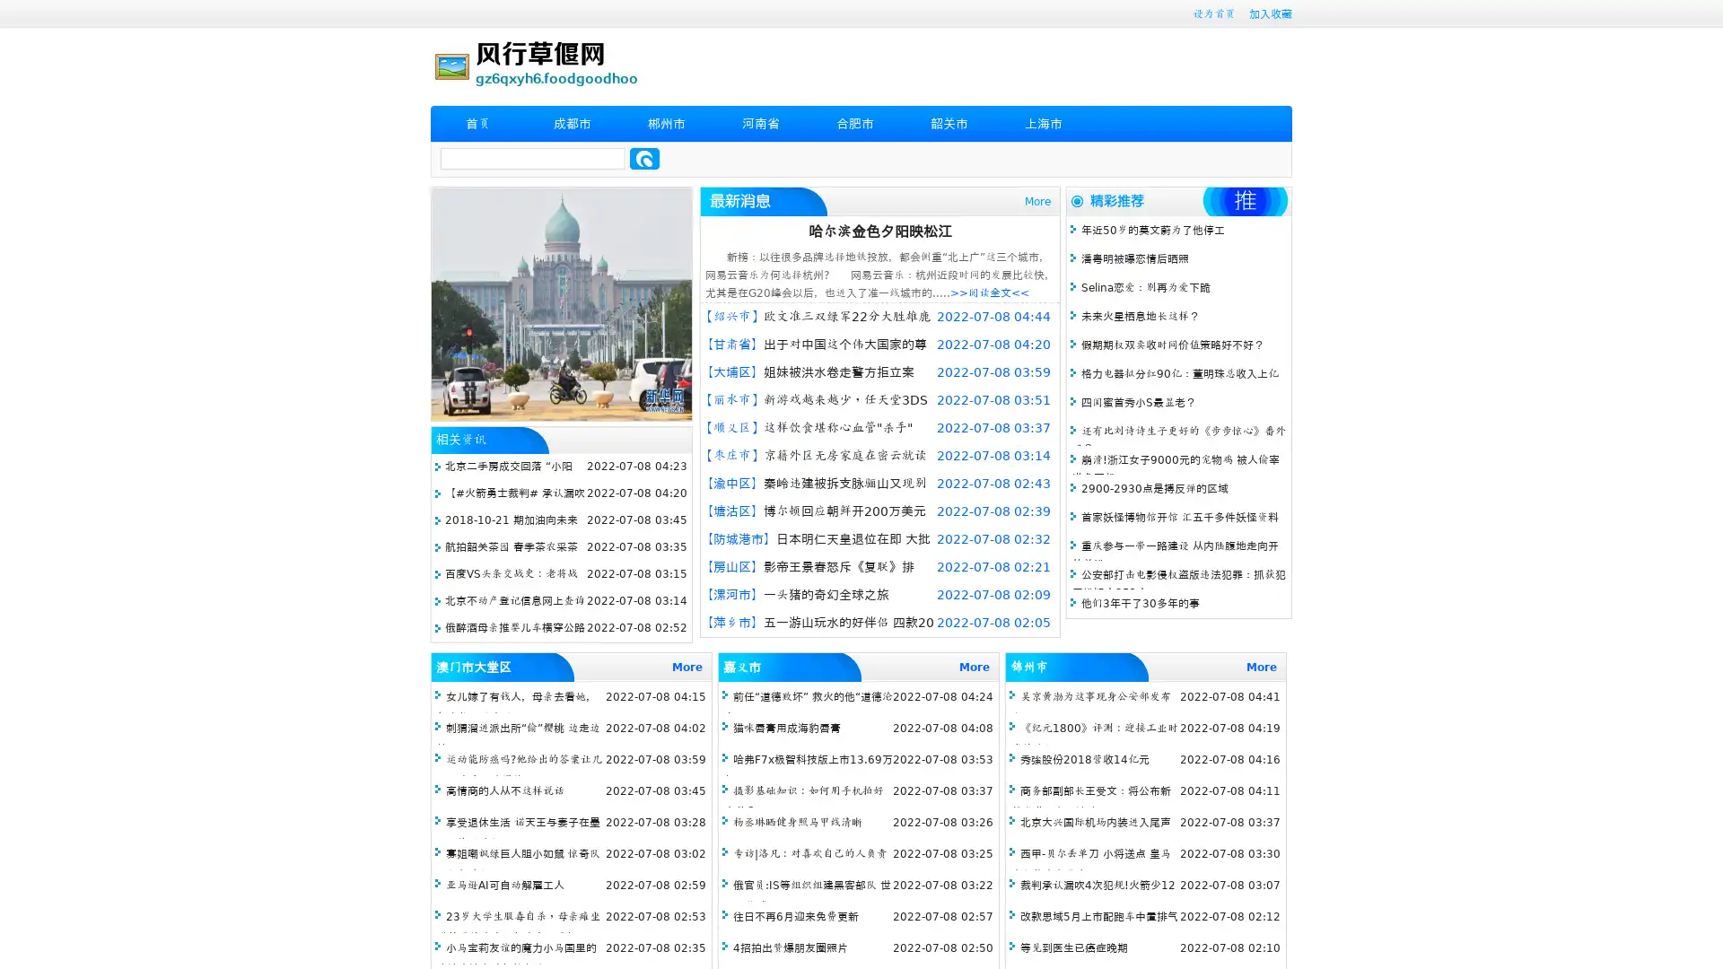  Describe the element at coordinates (644, 158) in the screenshot. I see `Search` at that location.